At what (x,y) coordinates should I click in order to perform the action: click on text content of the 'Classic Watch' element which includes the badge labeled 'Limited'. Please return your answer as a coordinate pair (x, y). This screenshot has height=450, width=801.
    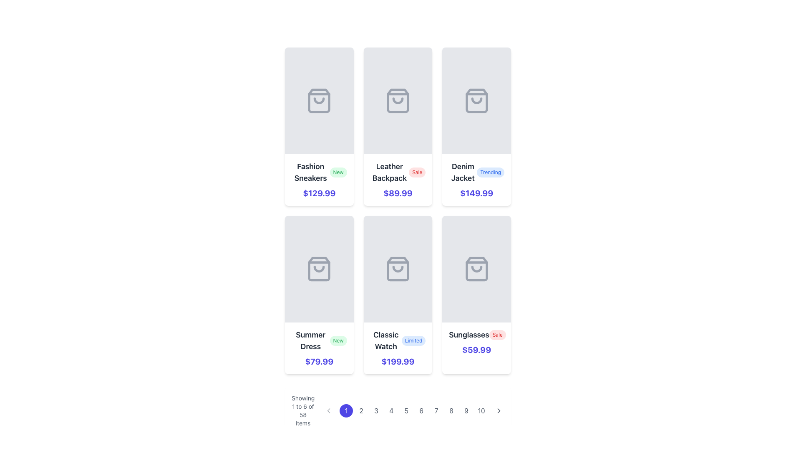
    Looking at the image, I should click on (398, 340).